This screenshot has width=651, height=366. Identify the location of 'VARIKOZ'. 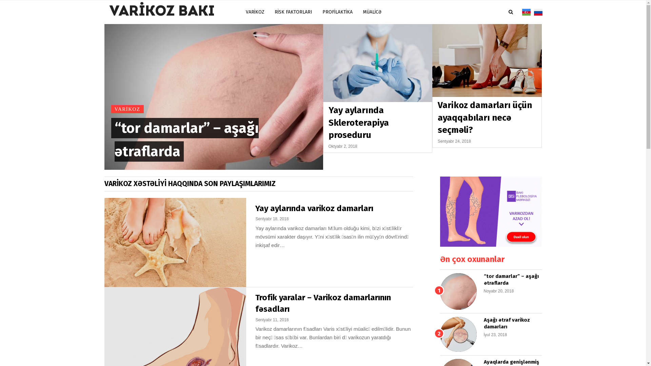
(255, 12).